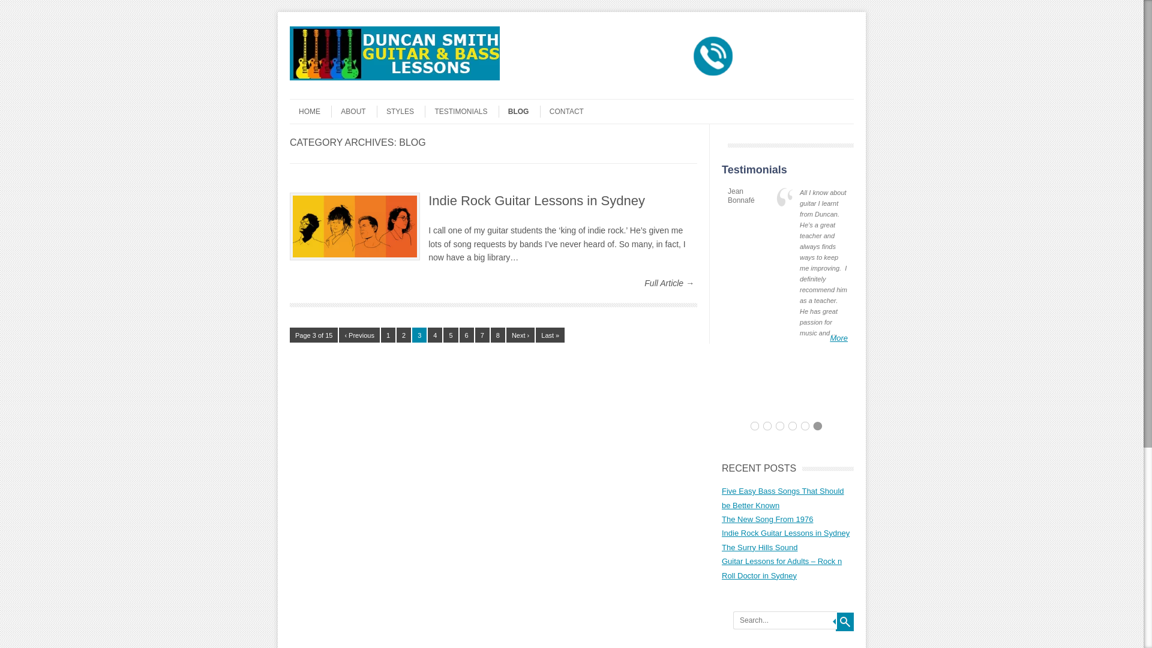 Image resolution: width=1152 pixels, height=648 pixels. I want to click on '7', so click(475, 335).